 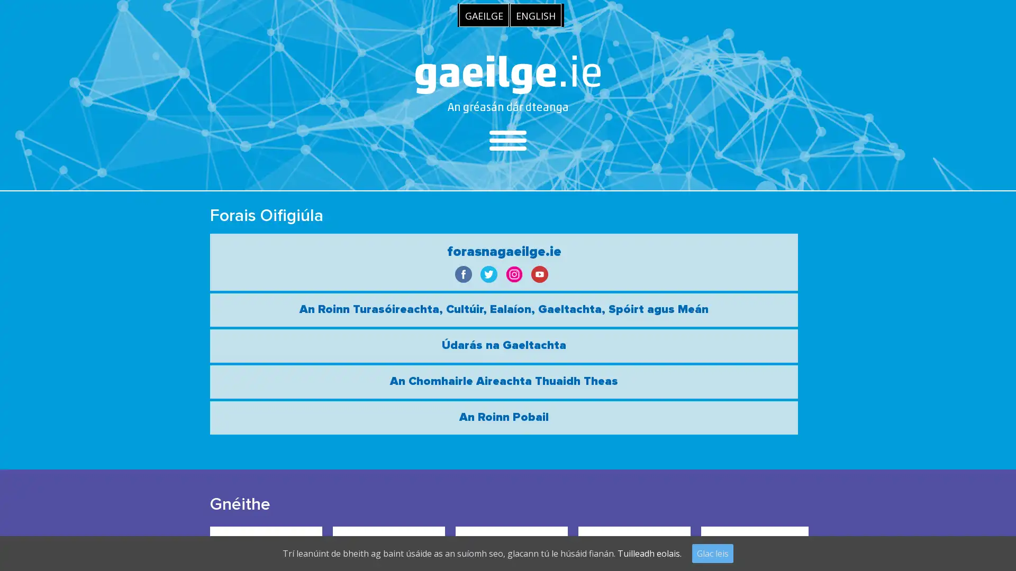 I want to click on Glac leis, so click(x=713, y=552).